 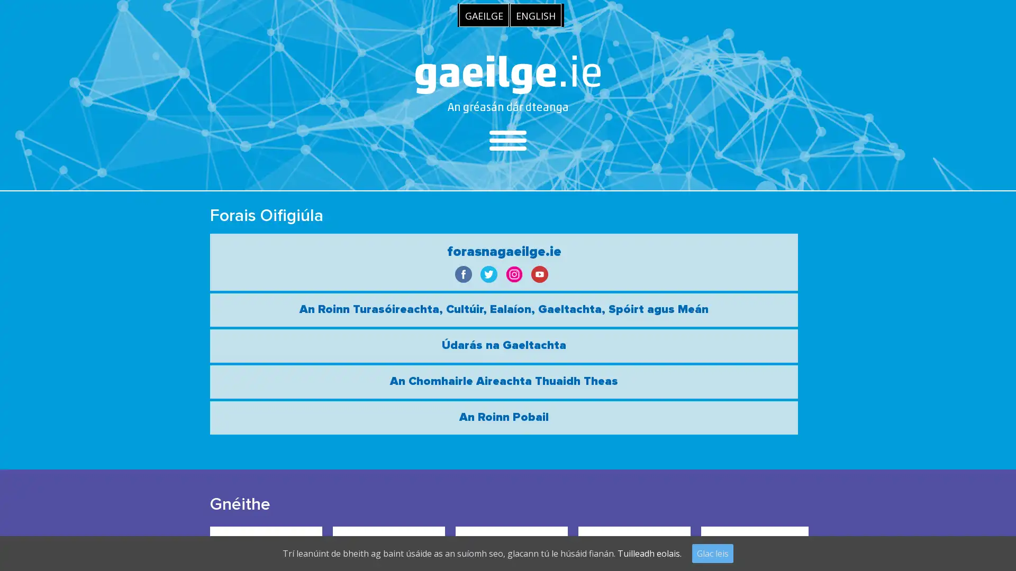 I want to click on Glac leis, so click(x=713, y=552).